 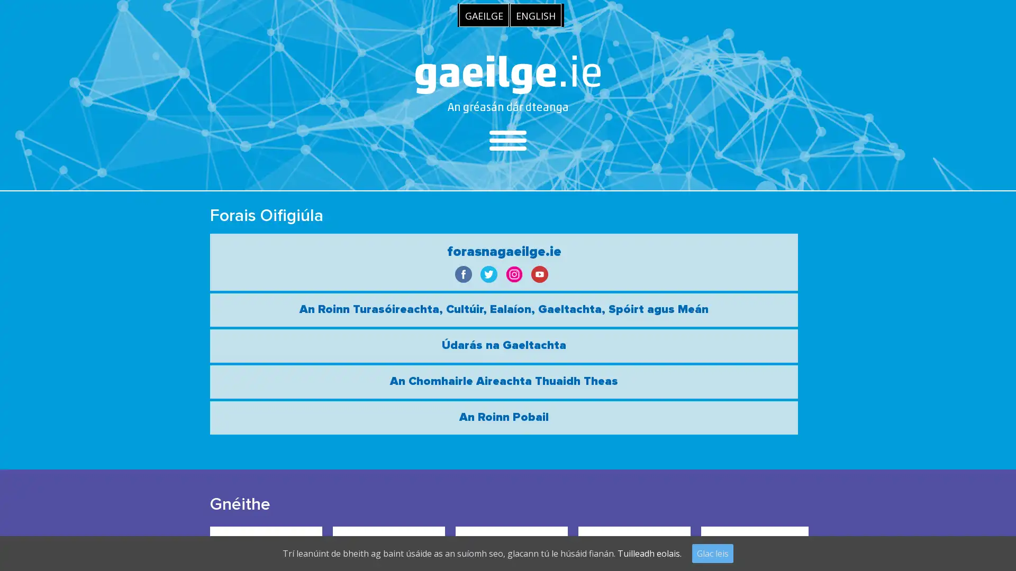 I want to click on Glac leis, so click(x=713, y=552).